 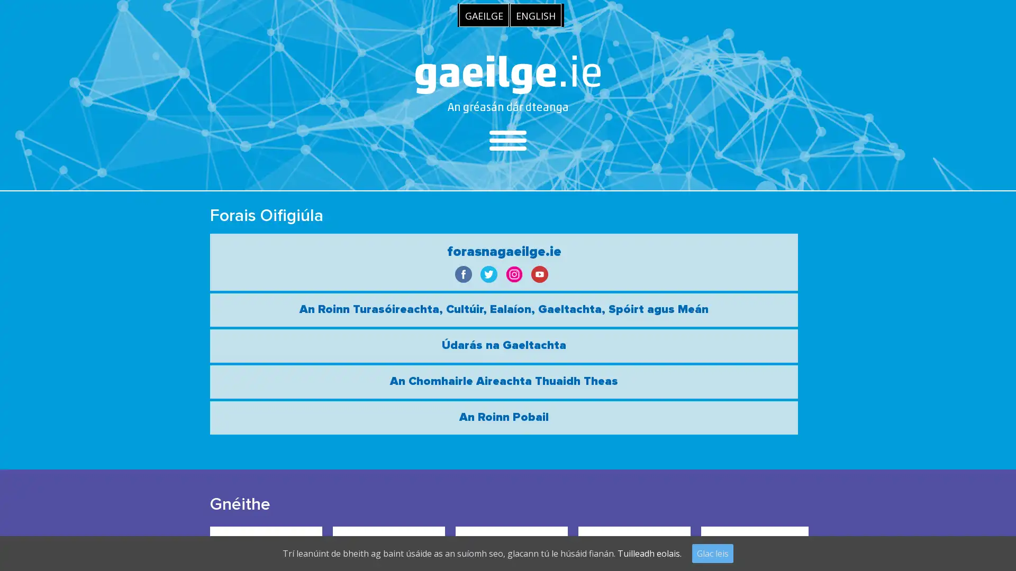 I want to click on Glac leis, so click(x=713, y=552).